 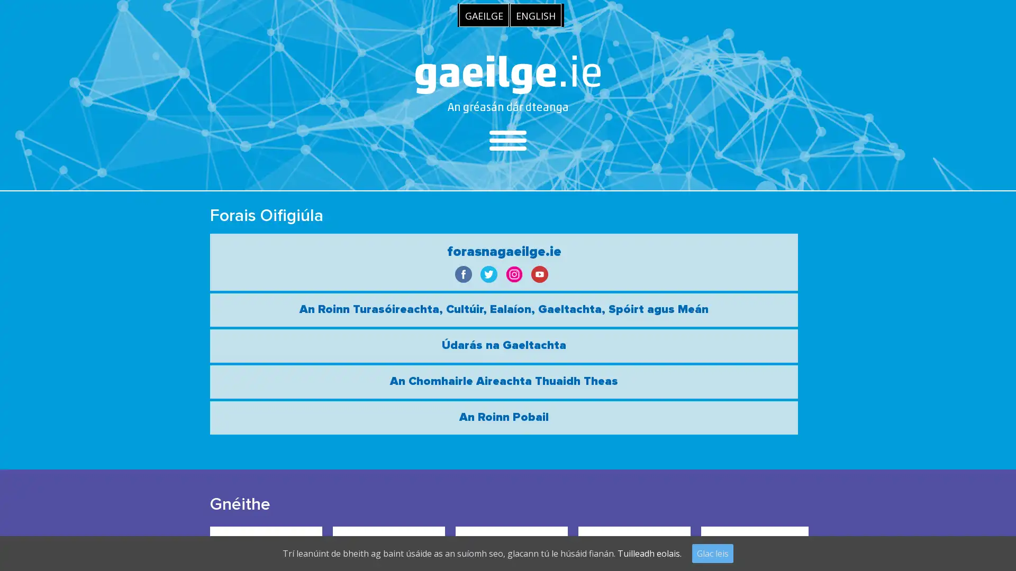 I want to click on Glac leis, so click(x=713, y=552).